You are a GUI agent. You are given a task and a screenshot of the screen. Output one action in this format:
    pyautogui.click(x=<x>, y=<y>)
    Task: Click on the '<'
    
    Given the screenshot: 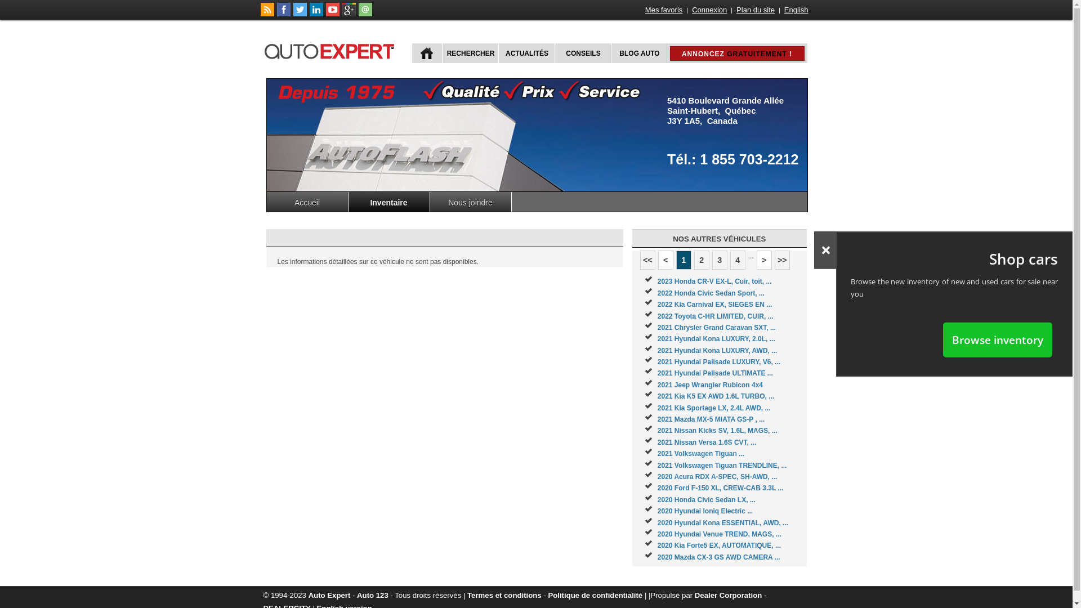 What is the action you would take?
    pyautogui.click(x=658, y=260)
    